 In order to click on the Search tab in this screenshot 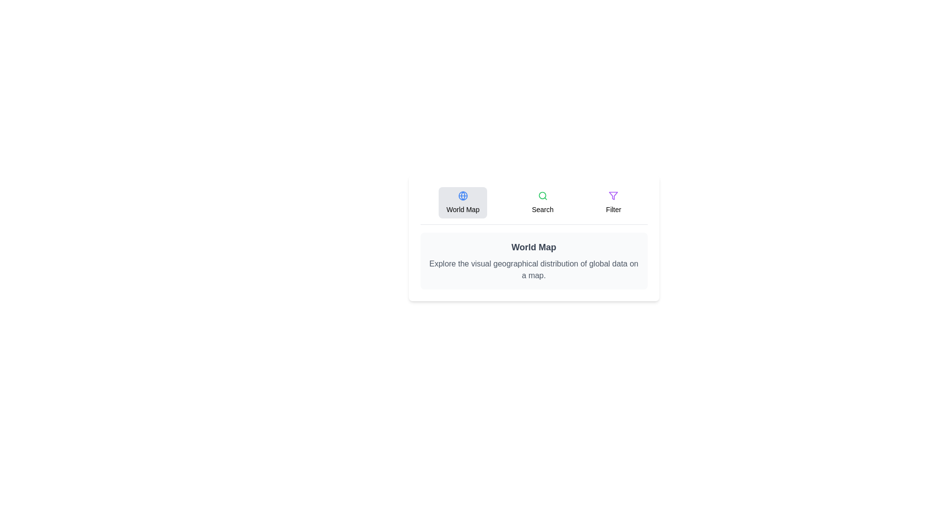, I will do `click(542, 202)`.